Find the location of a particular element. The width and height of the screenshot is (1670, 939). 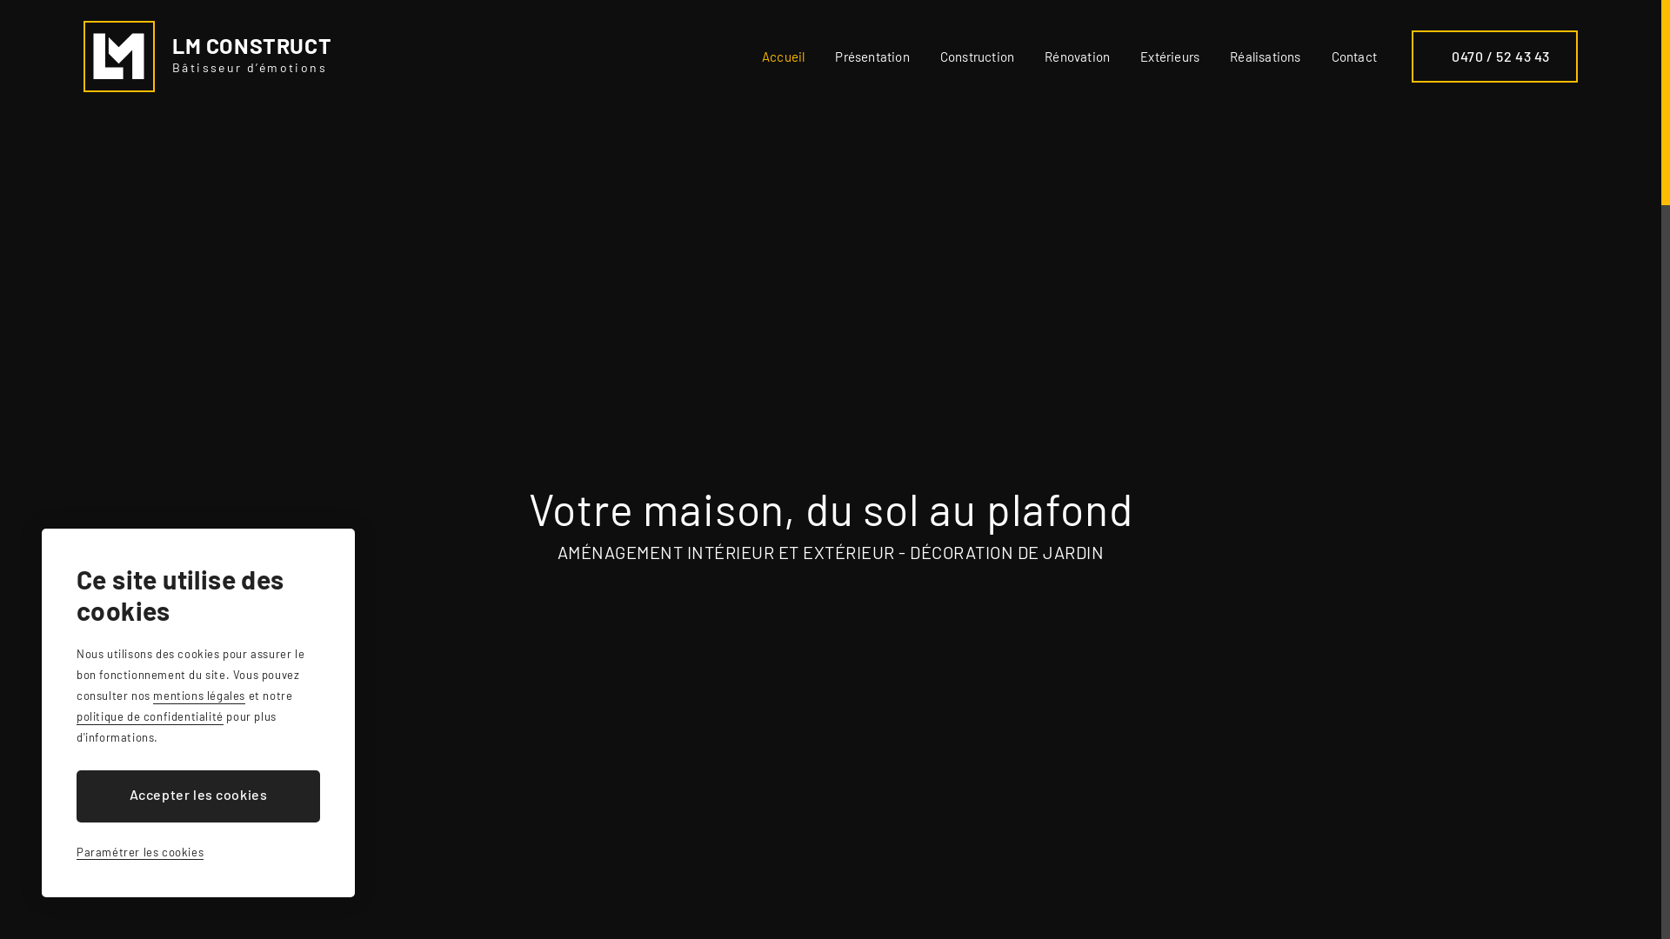

'0470 / 52 43 43' is located at coordinates (1411, 56).